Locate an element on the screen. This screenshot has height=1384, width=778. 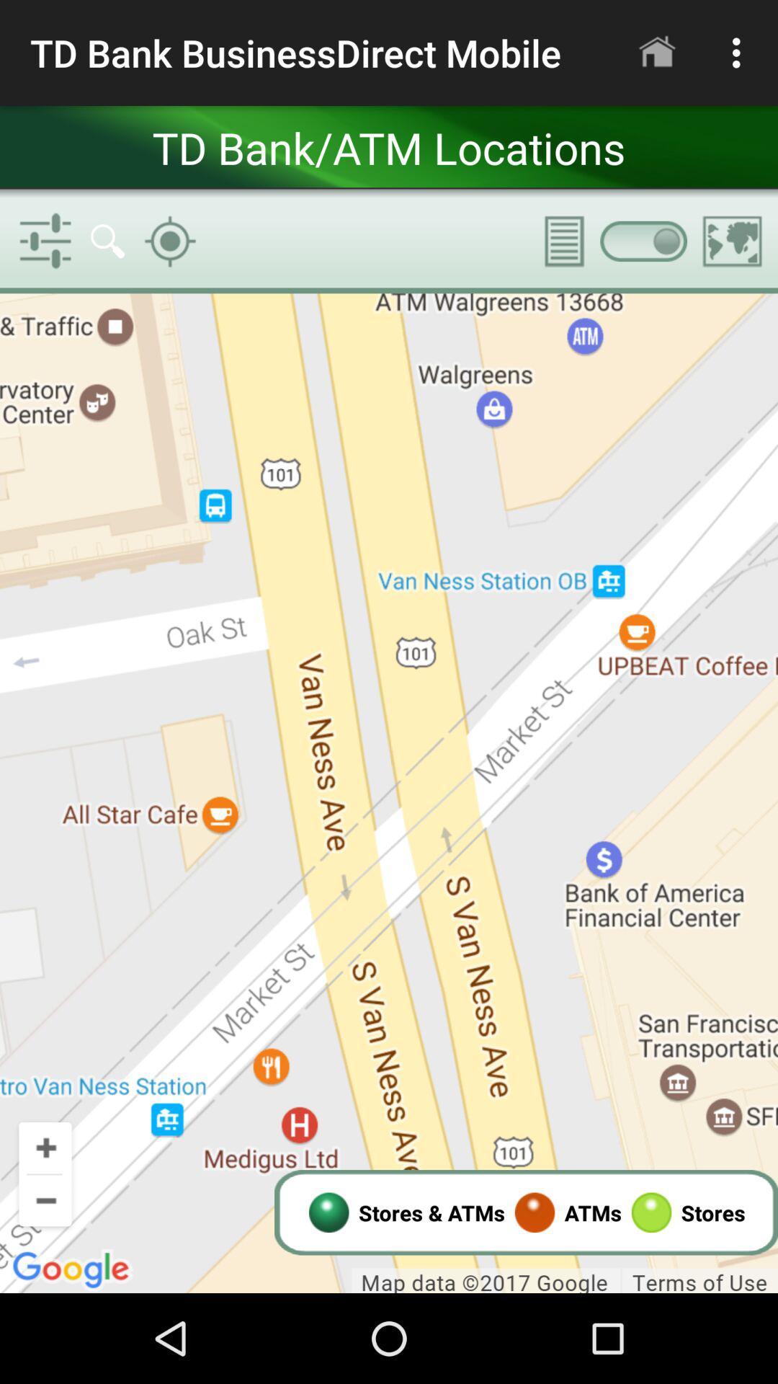
the location_crosshair icon is located at coordinates (169, 241).